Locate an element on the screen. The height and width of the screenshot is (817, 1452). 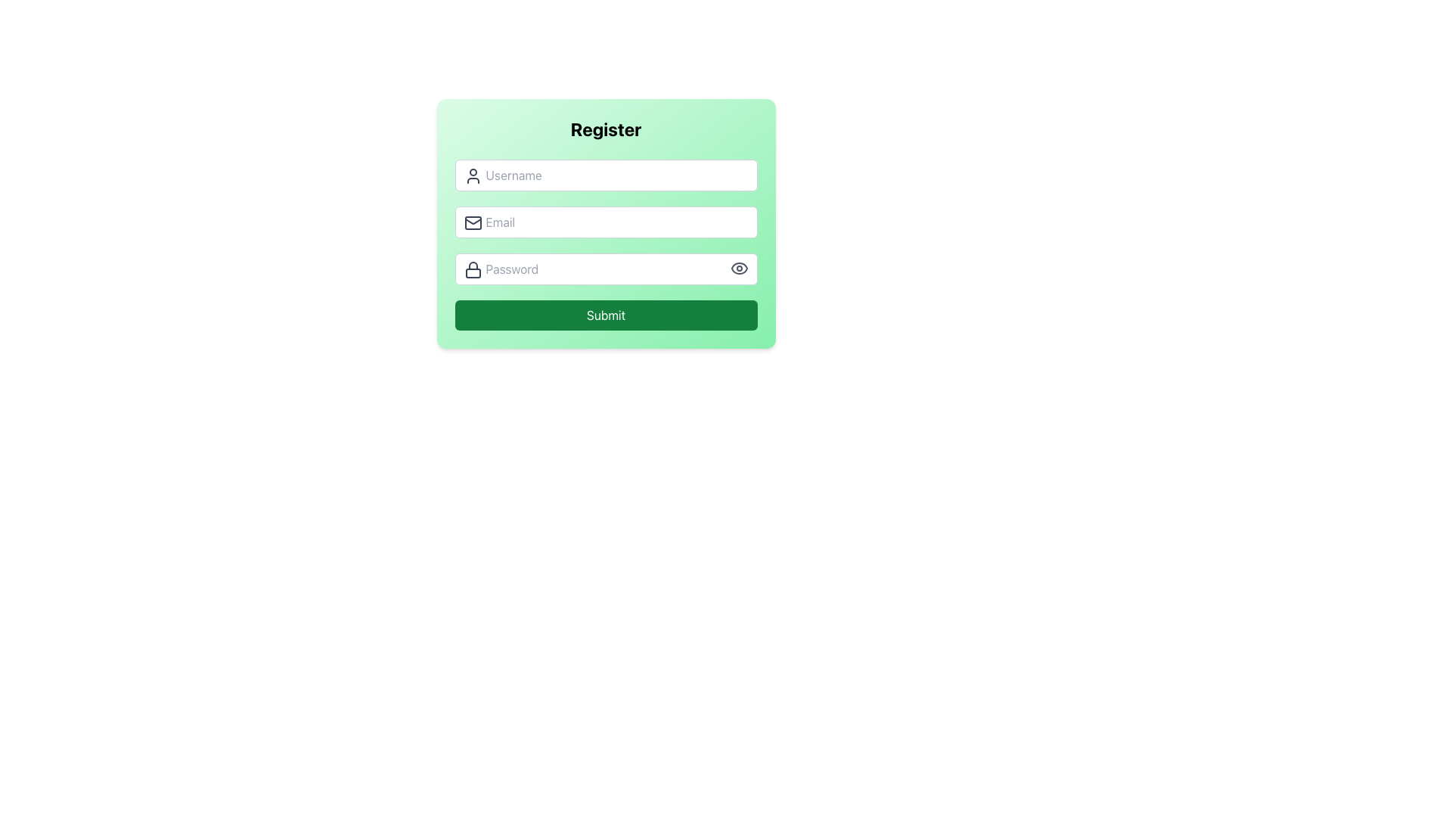
the upper part of the lock design in the SVG illustration adjacent to the 'Password' input field is located at coordinates (472, 265).